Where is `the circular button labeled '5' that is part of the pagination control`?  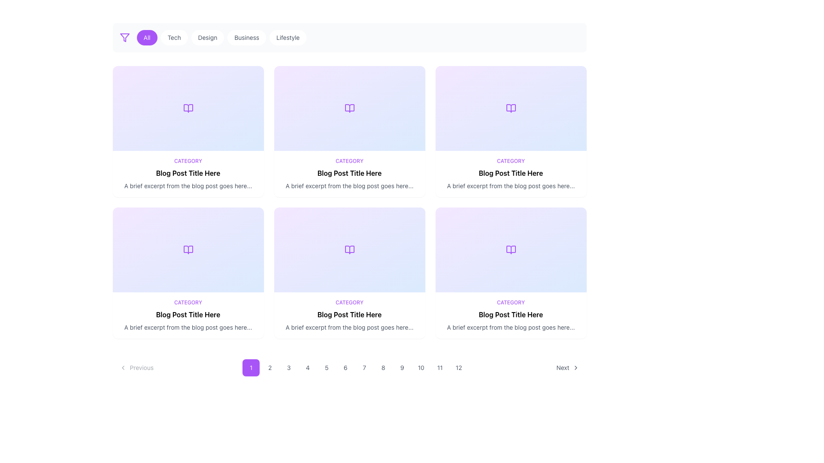 the circular button labeled '5' that is part of the pagination control is located at coordinates (326, 367).